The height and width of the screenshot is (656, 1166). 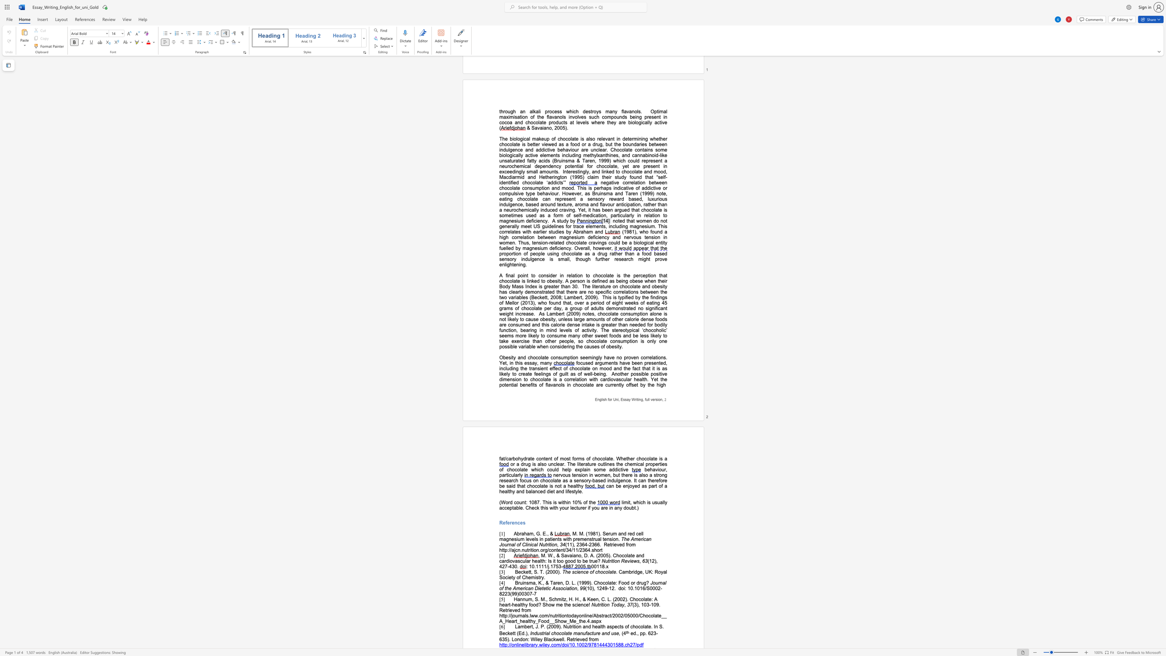 I want to click on the subset text "t_healt" within the text "Retrieved from http://journals.lww.com/nutritiontodayonline/Abstract/2002/05000/Chocolate__A_Heart_healthy_Food__Show_Me_the.4.aspx", so click(x=515, y=621).